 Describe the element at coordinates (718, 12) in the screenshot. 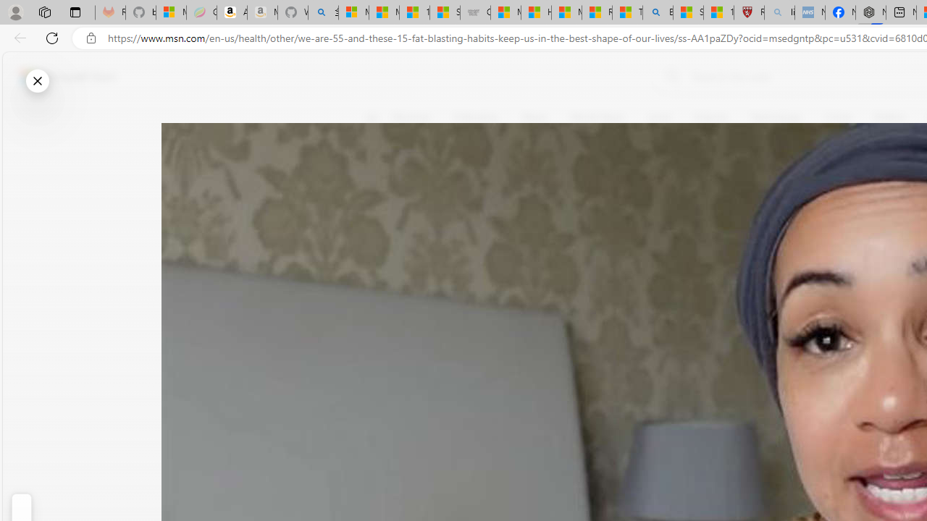

I see `'12 Popular Science Lies that Must be Corrected'` at that location.